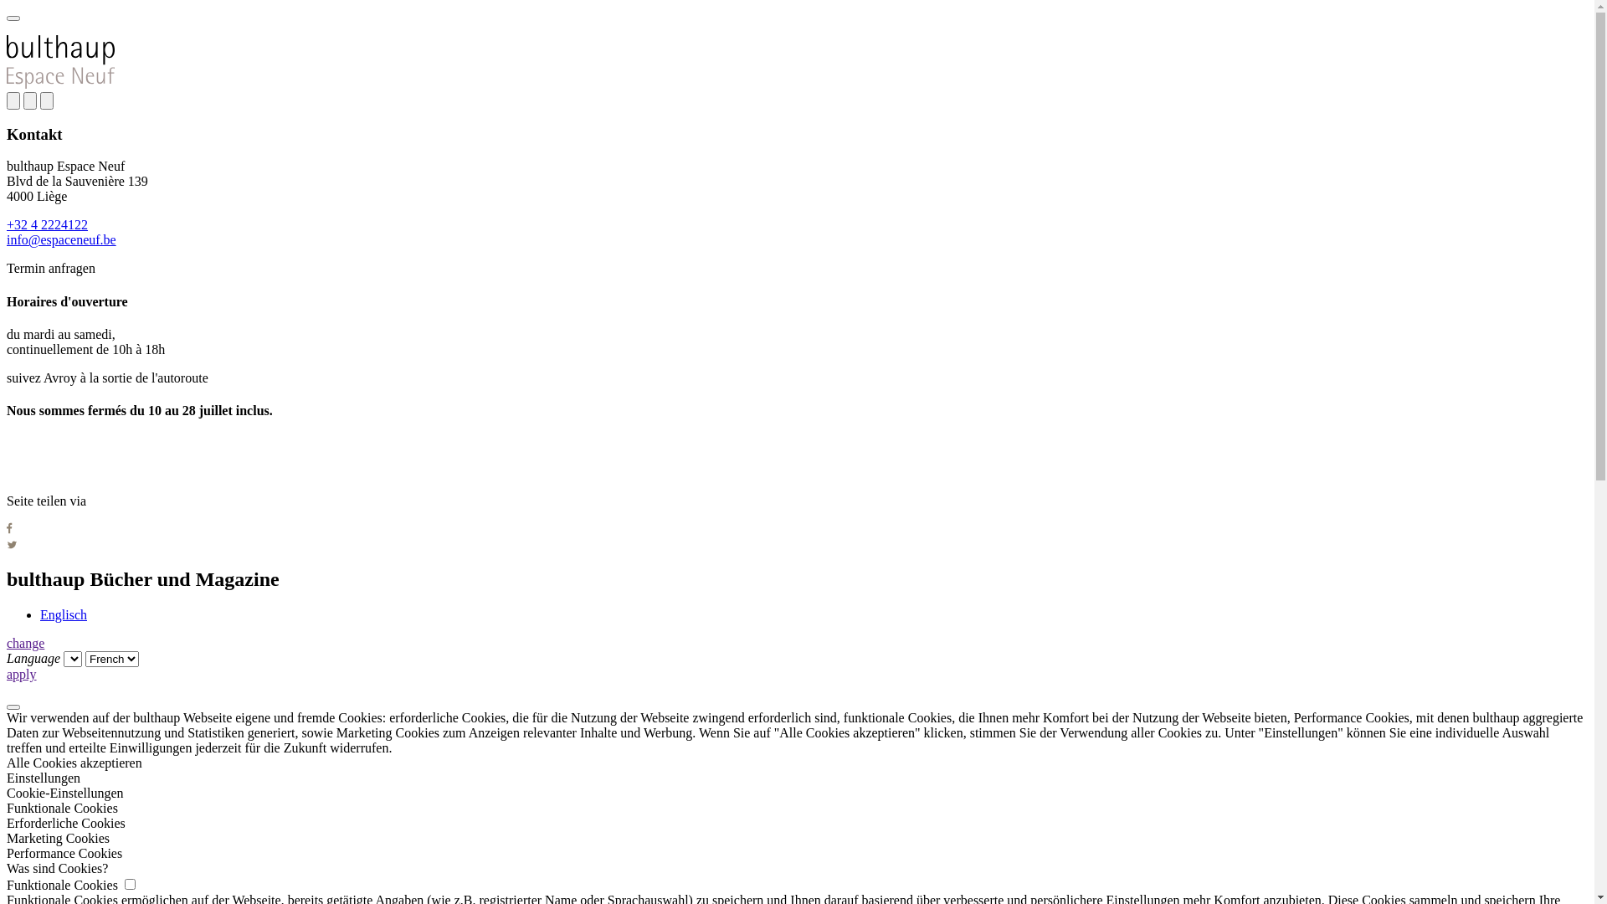 The width and height of the screenshot is (1607, 904). What do you see at coordinates (25, 642) in the screenshot?
I see `'change'` at bounding box center [25, 642].